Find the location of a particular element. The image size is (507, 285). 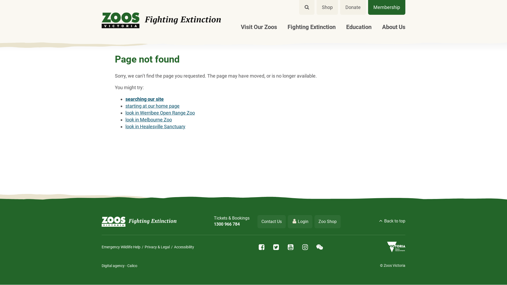

'Contact Us' is located at coordinates (271, 222).